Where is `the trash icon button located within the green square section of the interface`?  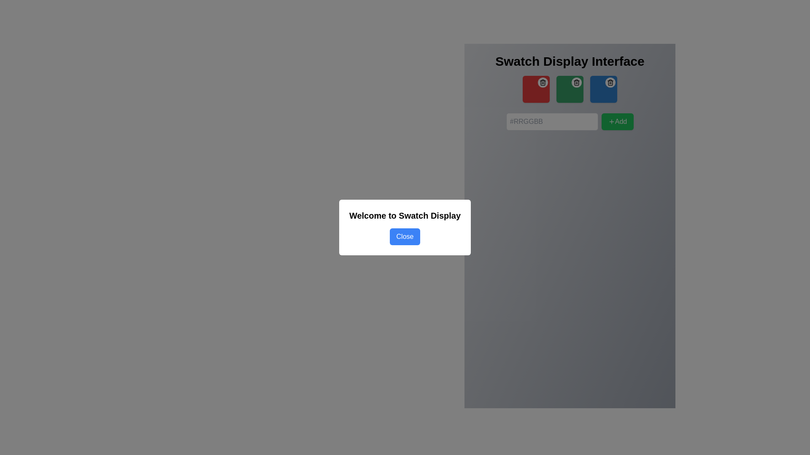
the trash icon button located within the green square section of the interface is located at coordinates (576, 83).